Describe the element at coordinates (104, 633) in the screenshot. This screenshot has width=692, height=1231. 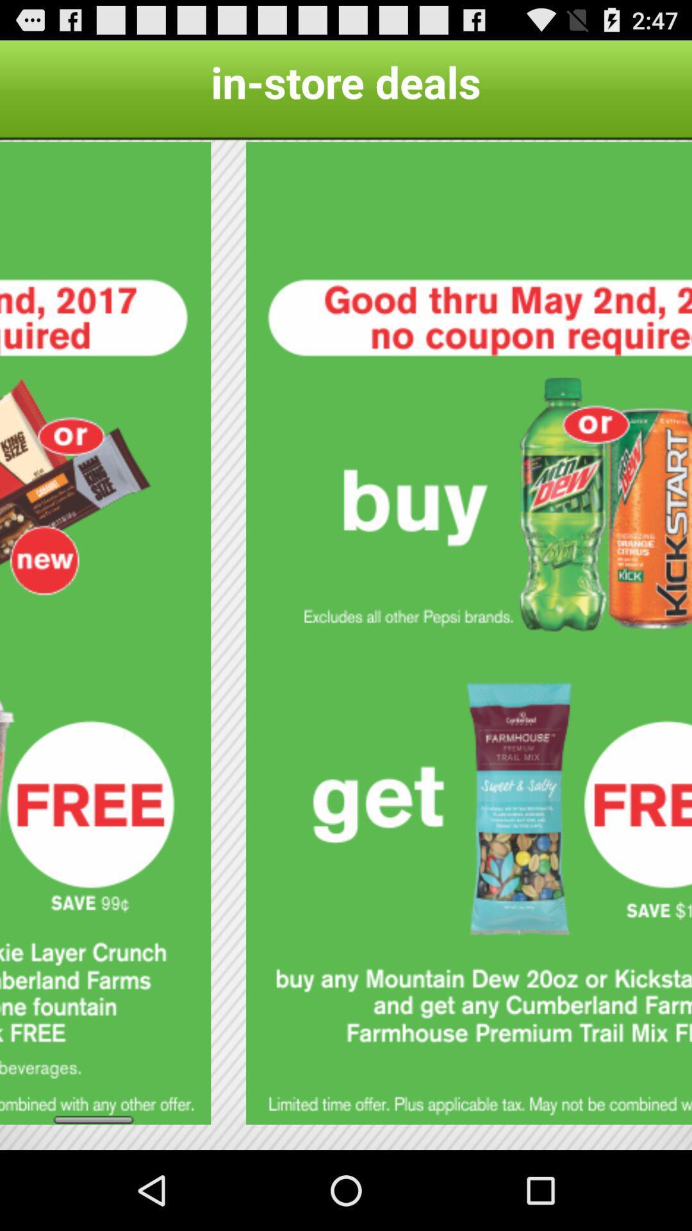
I see `icon on the left` at that location.